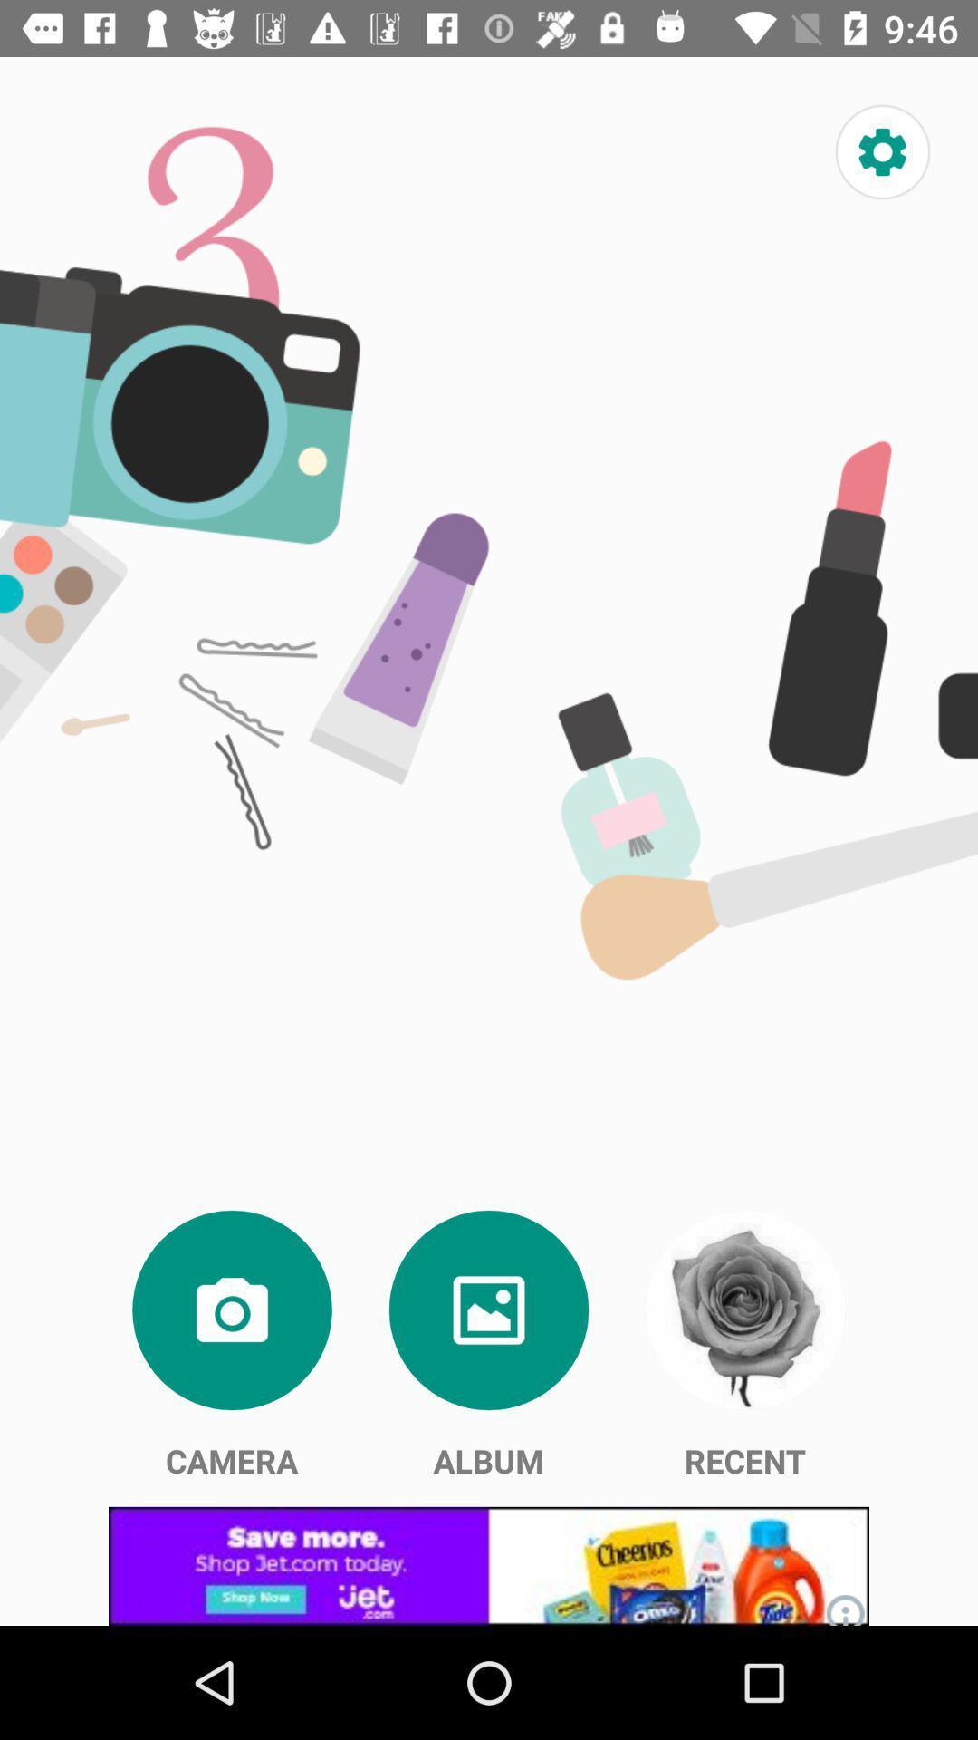  What do you see at coordinates (882, 152) in the screenshot?
I see `settings` at bounding box center [882, 152].